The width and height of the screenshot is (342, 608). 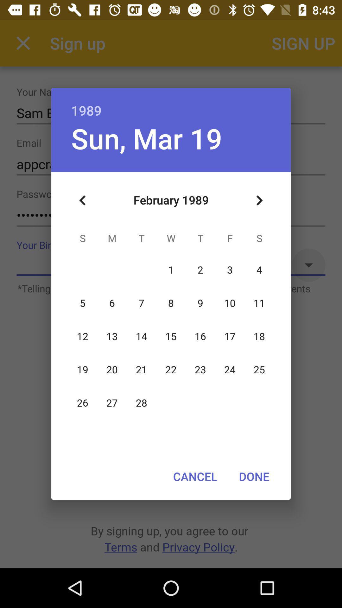 I want to click on the done icon, so click(x=254, y=476).